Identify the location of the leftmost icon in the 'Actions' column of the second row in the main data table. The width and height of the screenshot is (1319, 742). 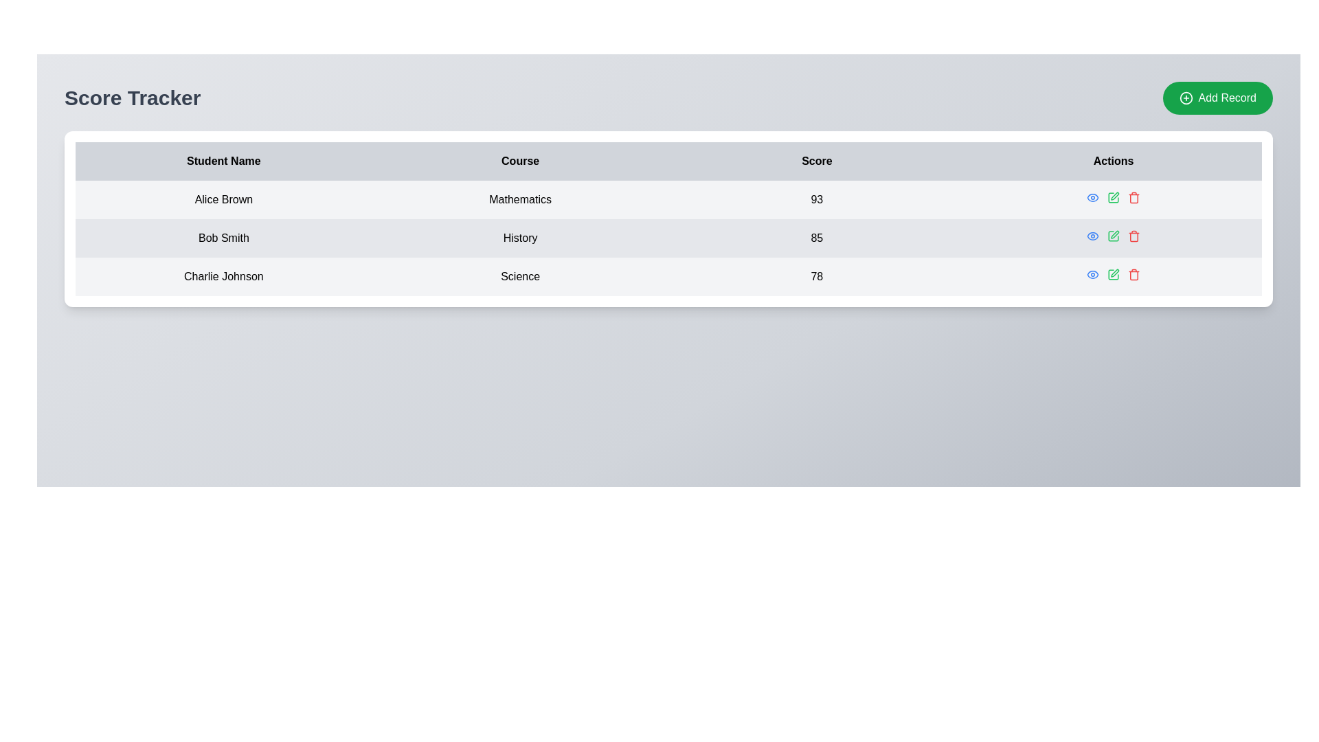
(1092, 198).